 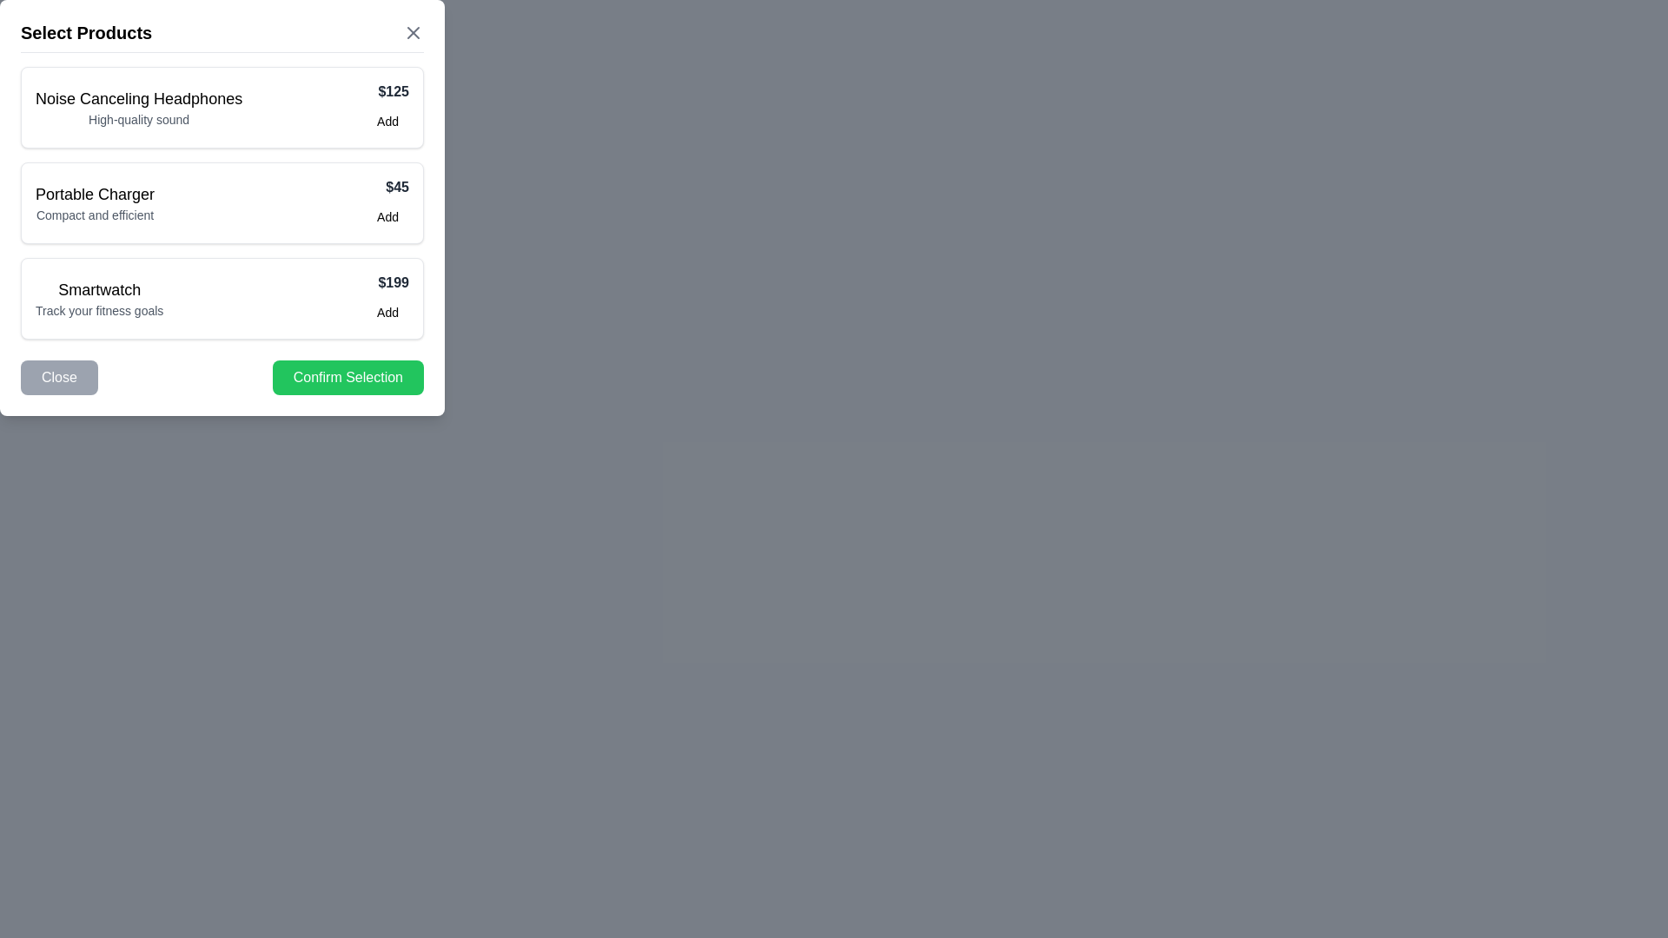 What do you see at coordinates (412, 33) in the screenshot?
I see `the close button located in the top-right corner of the 'Select Products' header` at bounding box center [412, 33].